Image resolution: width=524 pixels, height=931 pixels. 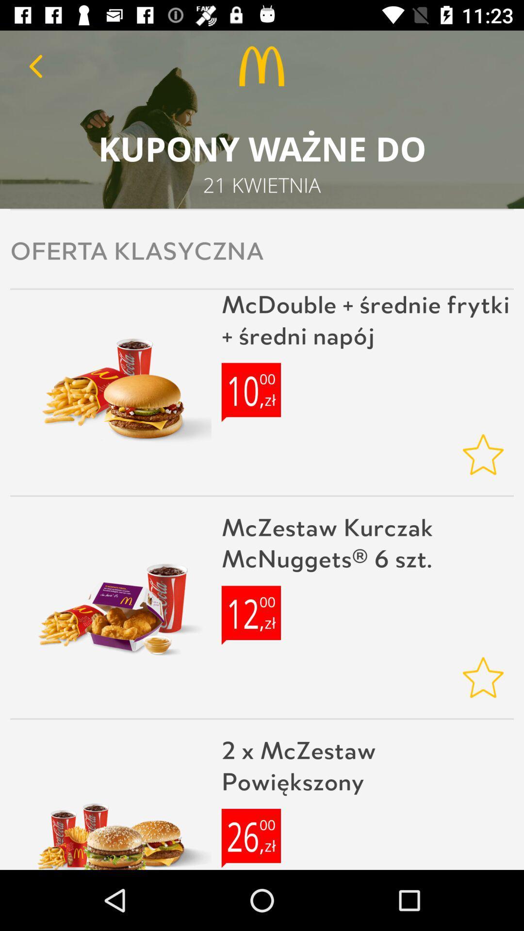 I want to click on rating option, so click(x=483, y=454).